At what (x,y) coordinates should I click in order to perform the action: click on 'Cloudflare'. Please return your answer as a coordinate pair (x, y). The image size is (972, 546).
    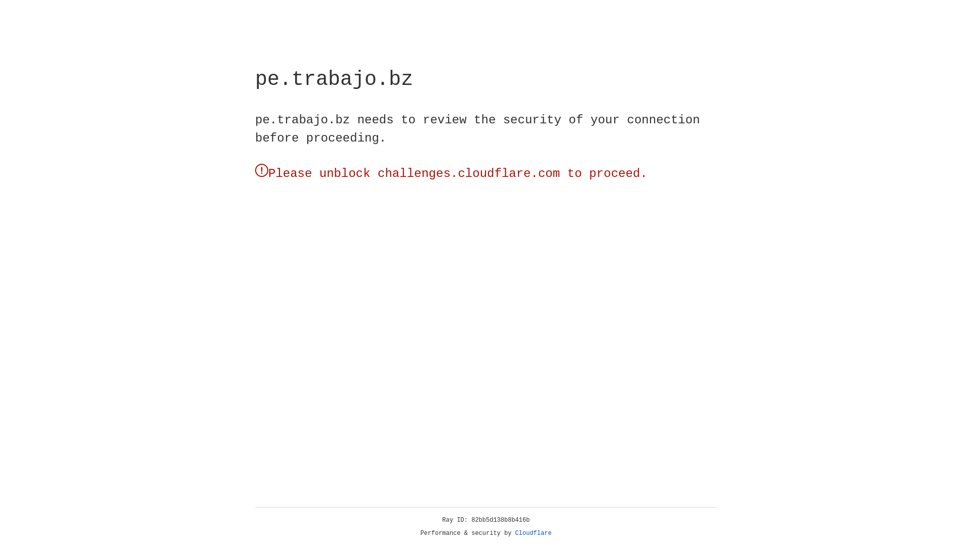
    Looking at the image, I should click on (533, 533).